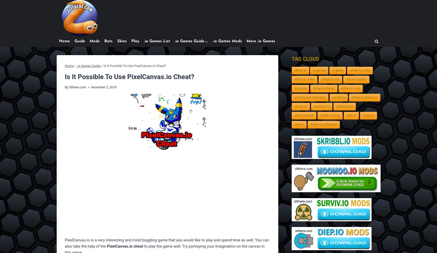 This screenshot has height=253, width=437. Describe the element at coordinates (330, 115) in the screenshot. I see `'slither.io skins'` at that location.